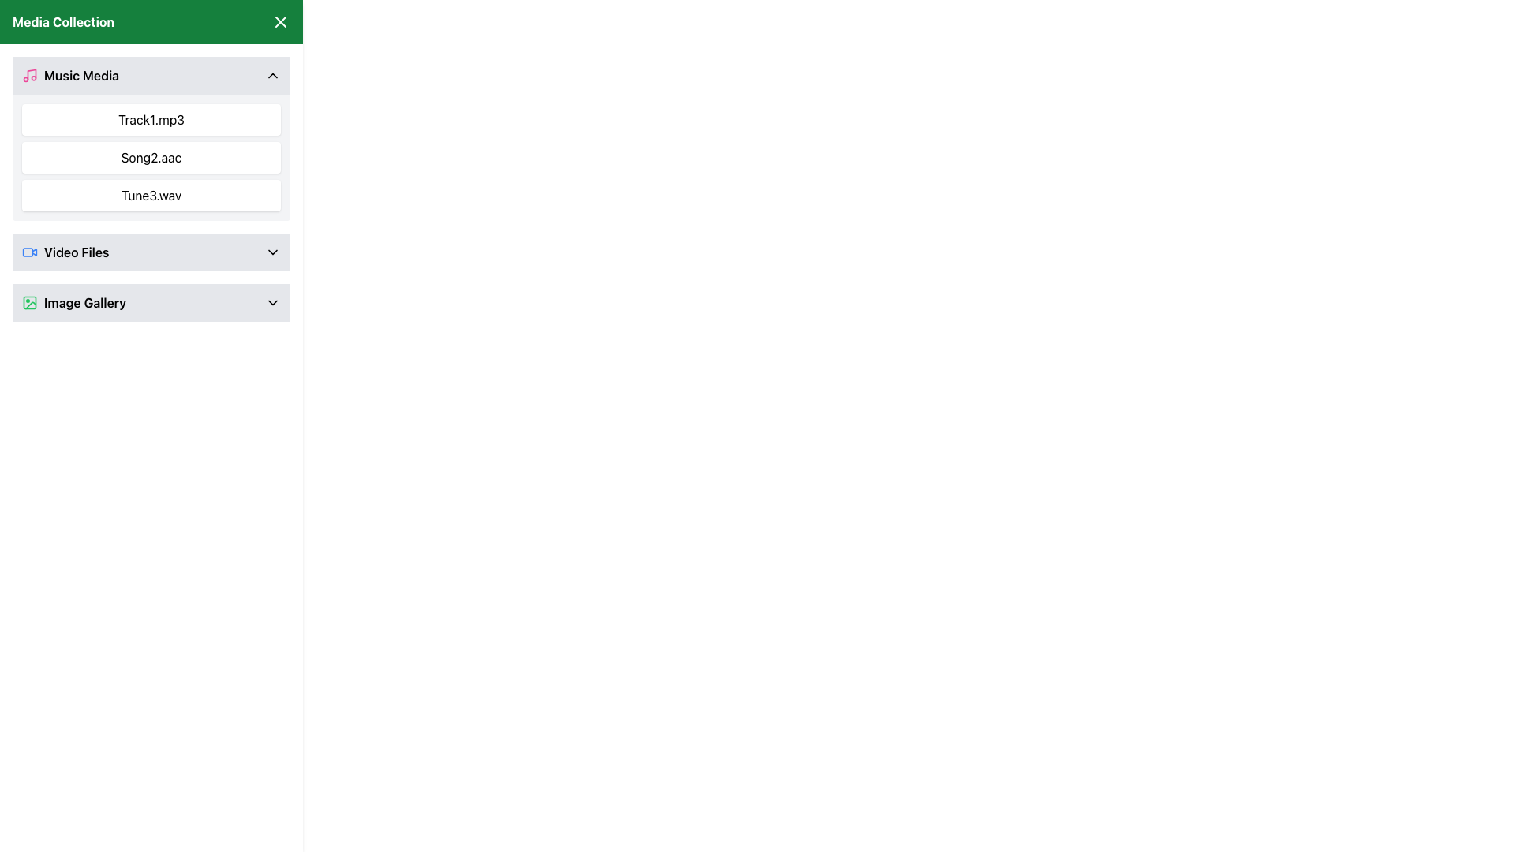 Image resolution: width=1515 pixels, height=852 pixels. Describe the element at coordinates (65, 252) in the screenshot. I see `the 'Video Files' button which includes a blue video camera icon and bold text` at that location.